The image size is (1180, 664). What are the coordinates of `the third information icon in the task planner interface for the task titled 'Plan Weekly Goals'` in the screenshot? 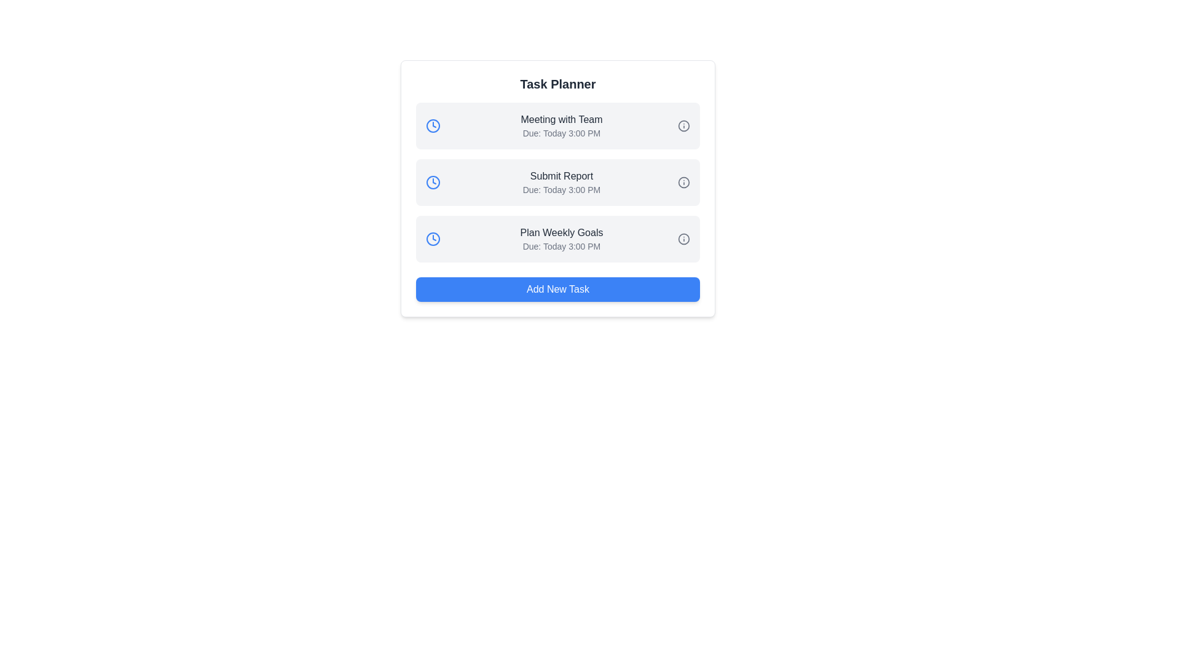 It's located at (683, 239).